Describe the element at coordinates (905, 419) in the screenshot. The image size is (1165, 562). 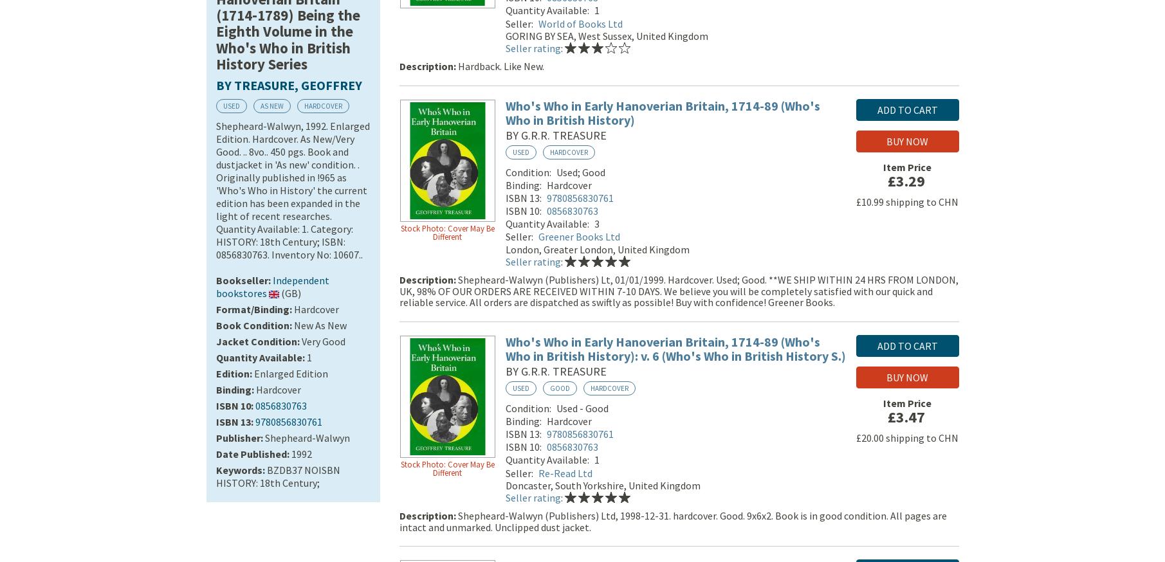
I see `'£3.47'` at that location.